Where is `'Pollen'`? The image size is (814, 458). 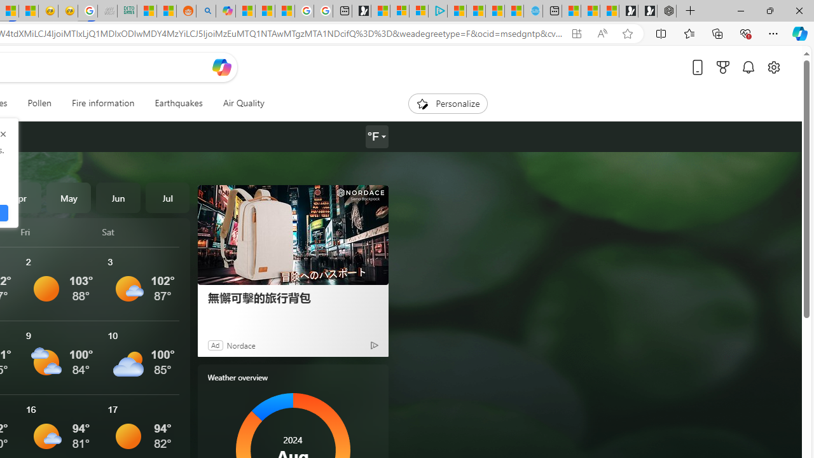
'Pollen' is located at coordinates (39, 103).